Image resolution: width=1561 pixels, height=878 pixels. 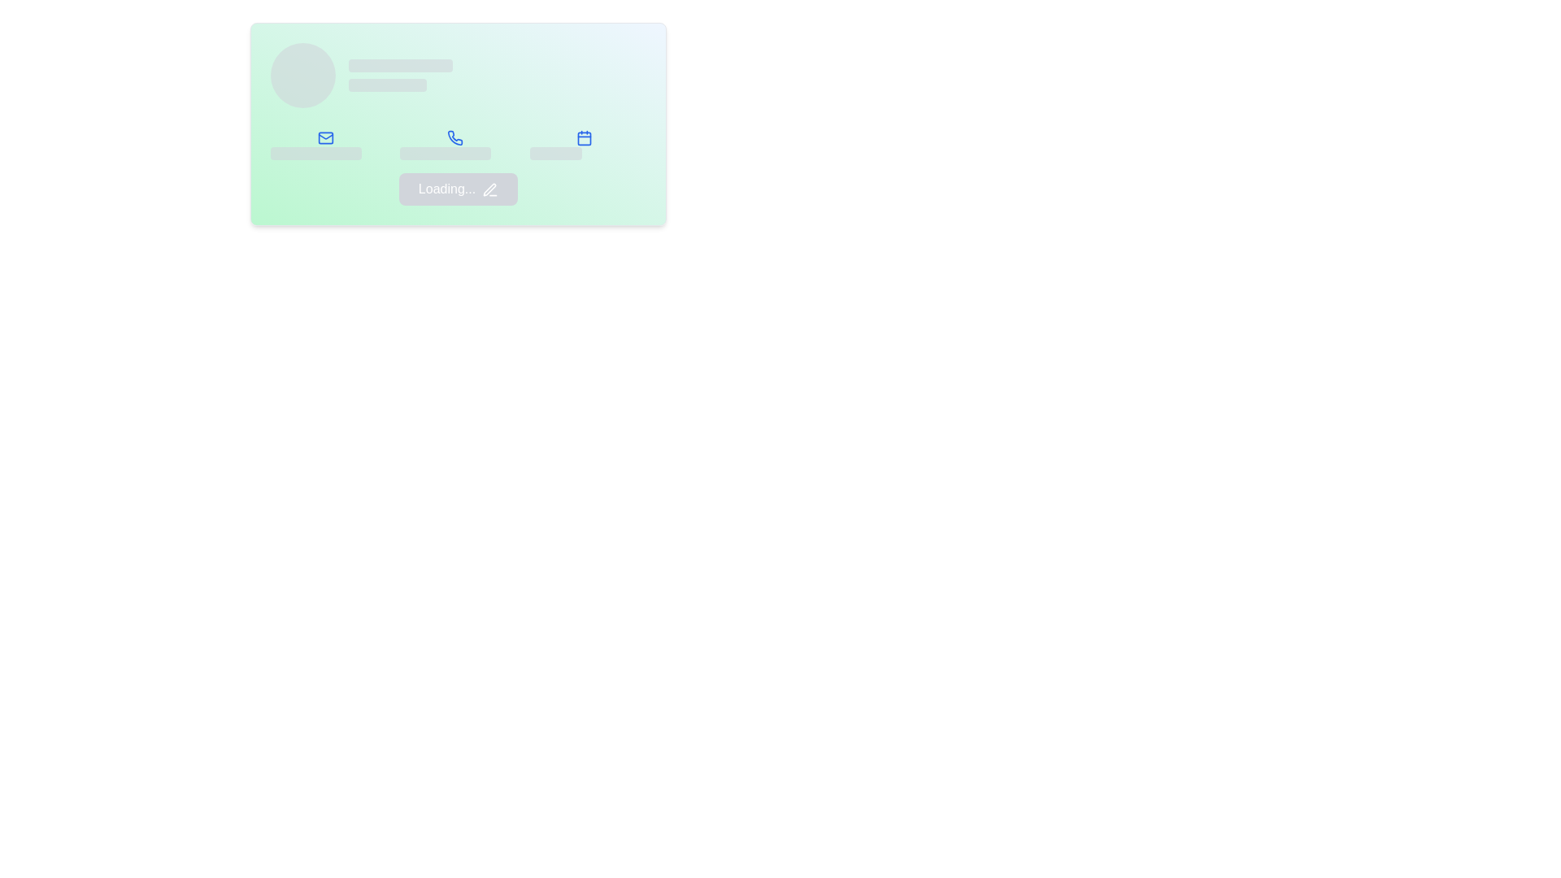 I want to click on decorative graphical component (SVG rectangle) located at the top-left corner of the email icon for debugging purposes, so click(x=325, y=137).